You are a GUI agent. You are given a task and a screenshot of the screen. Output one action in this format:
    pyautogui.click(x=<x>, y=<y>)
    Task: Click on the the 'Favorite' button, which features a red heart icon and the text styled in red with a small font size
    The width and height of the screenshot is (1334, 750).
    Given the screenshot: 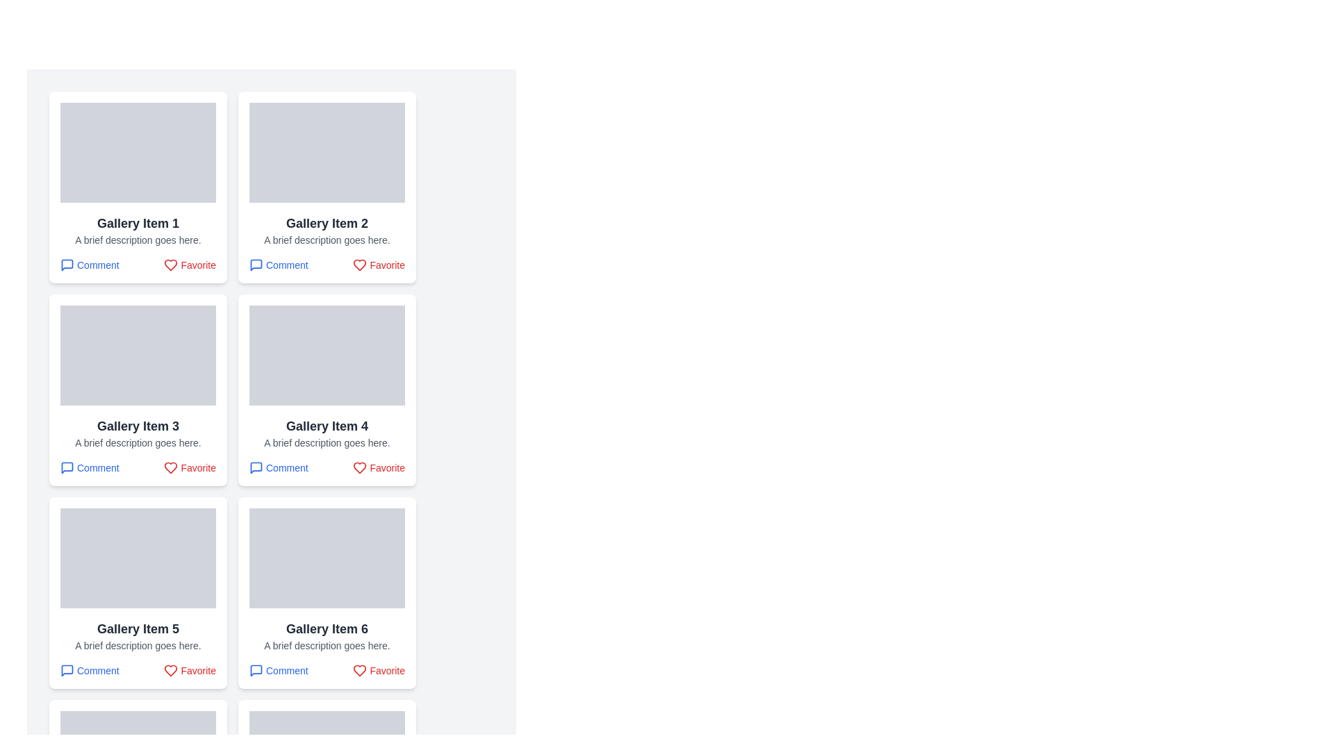 What is the action you would take?
    pyautogui.click(x=379, y=468)
    